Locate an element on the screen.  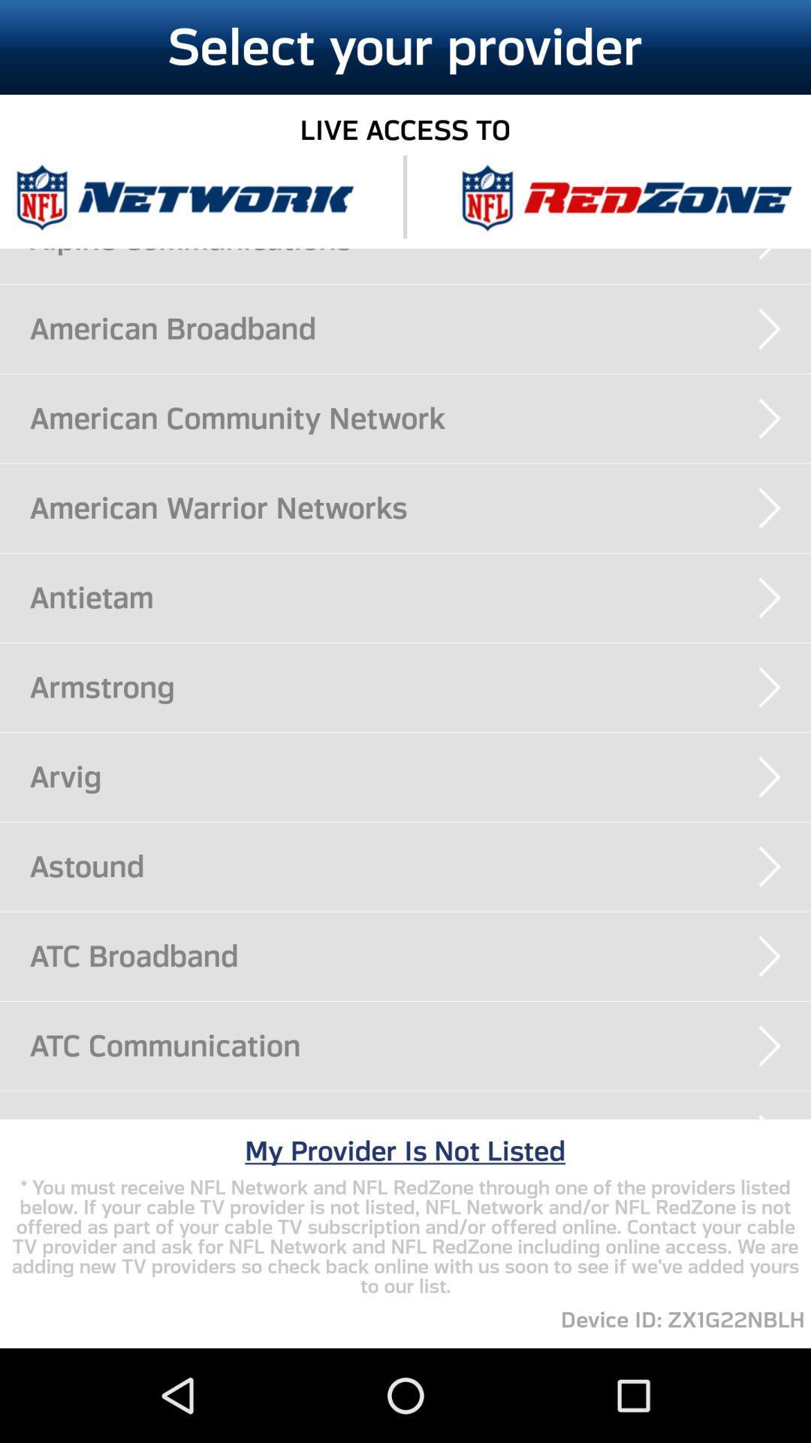
american community network is located at coordinates (420, 418).